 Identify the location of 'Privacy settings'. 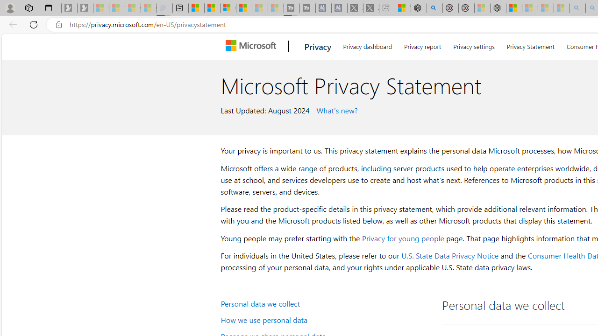
(474, 45).